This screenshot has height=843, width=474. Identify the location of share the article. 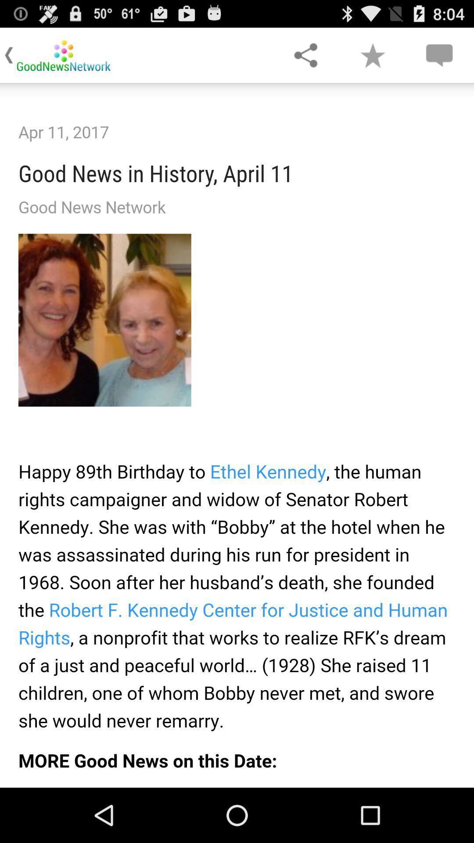
(305, 54).